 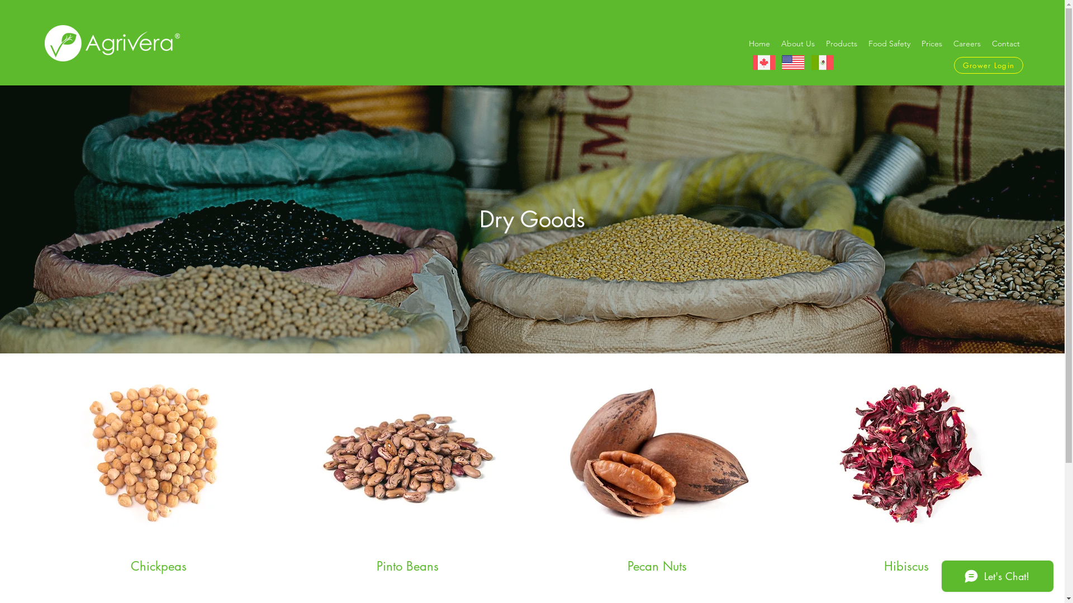 I want to click on 'Prices', so click(x=932, y=42).